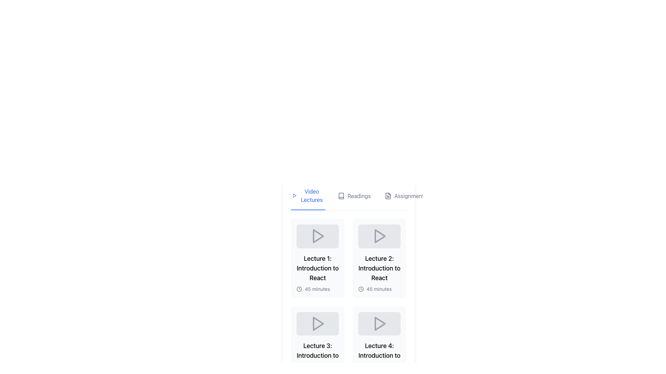  Describe the element at coordinates (317, 236) in the screenshot. I see `the play button for 'Lecture 1: Introduction to React', which is a gray button with a centered play icon` at that location.